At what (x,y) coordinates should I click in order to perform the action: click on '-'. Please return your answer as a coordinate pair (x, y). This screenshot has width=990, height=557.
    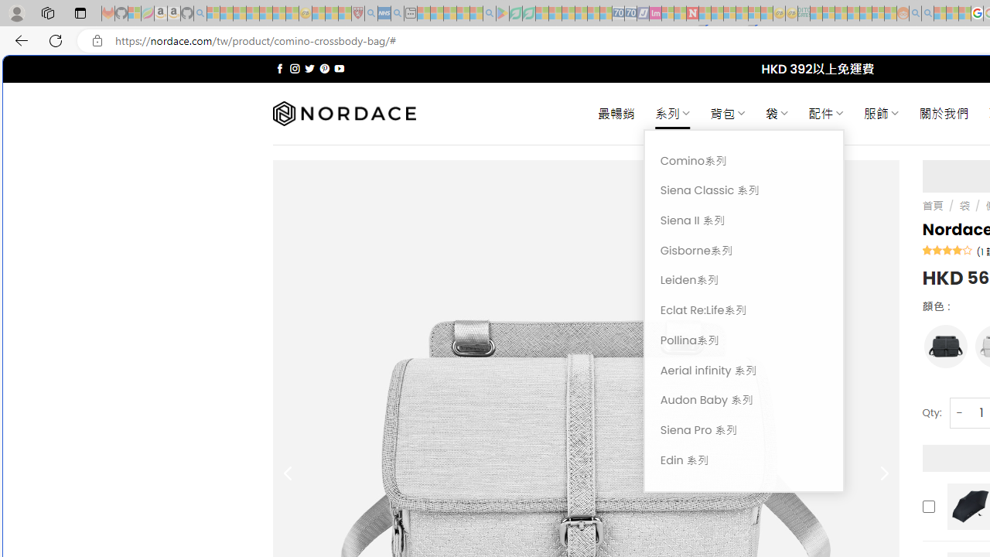
    Looking at the image, I should click on (958, 412).